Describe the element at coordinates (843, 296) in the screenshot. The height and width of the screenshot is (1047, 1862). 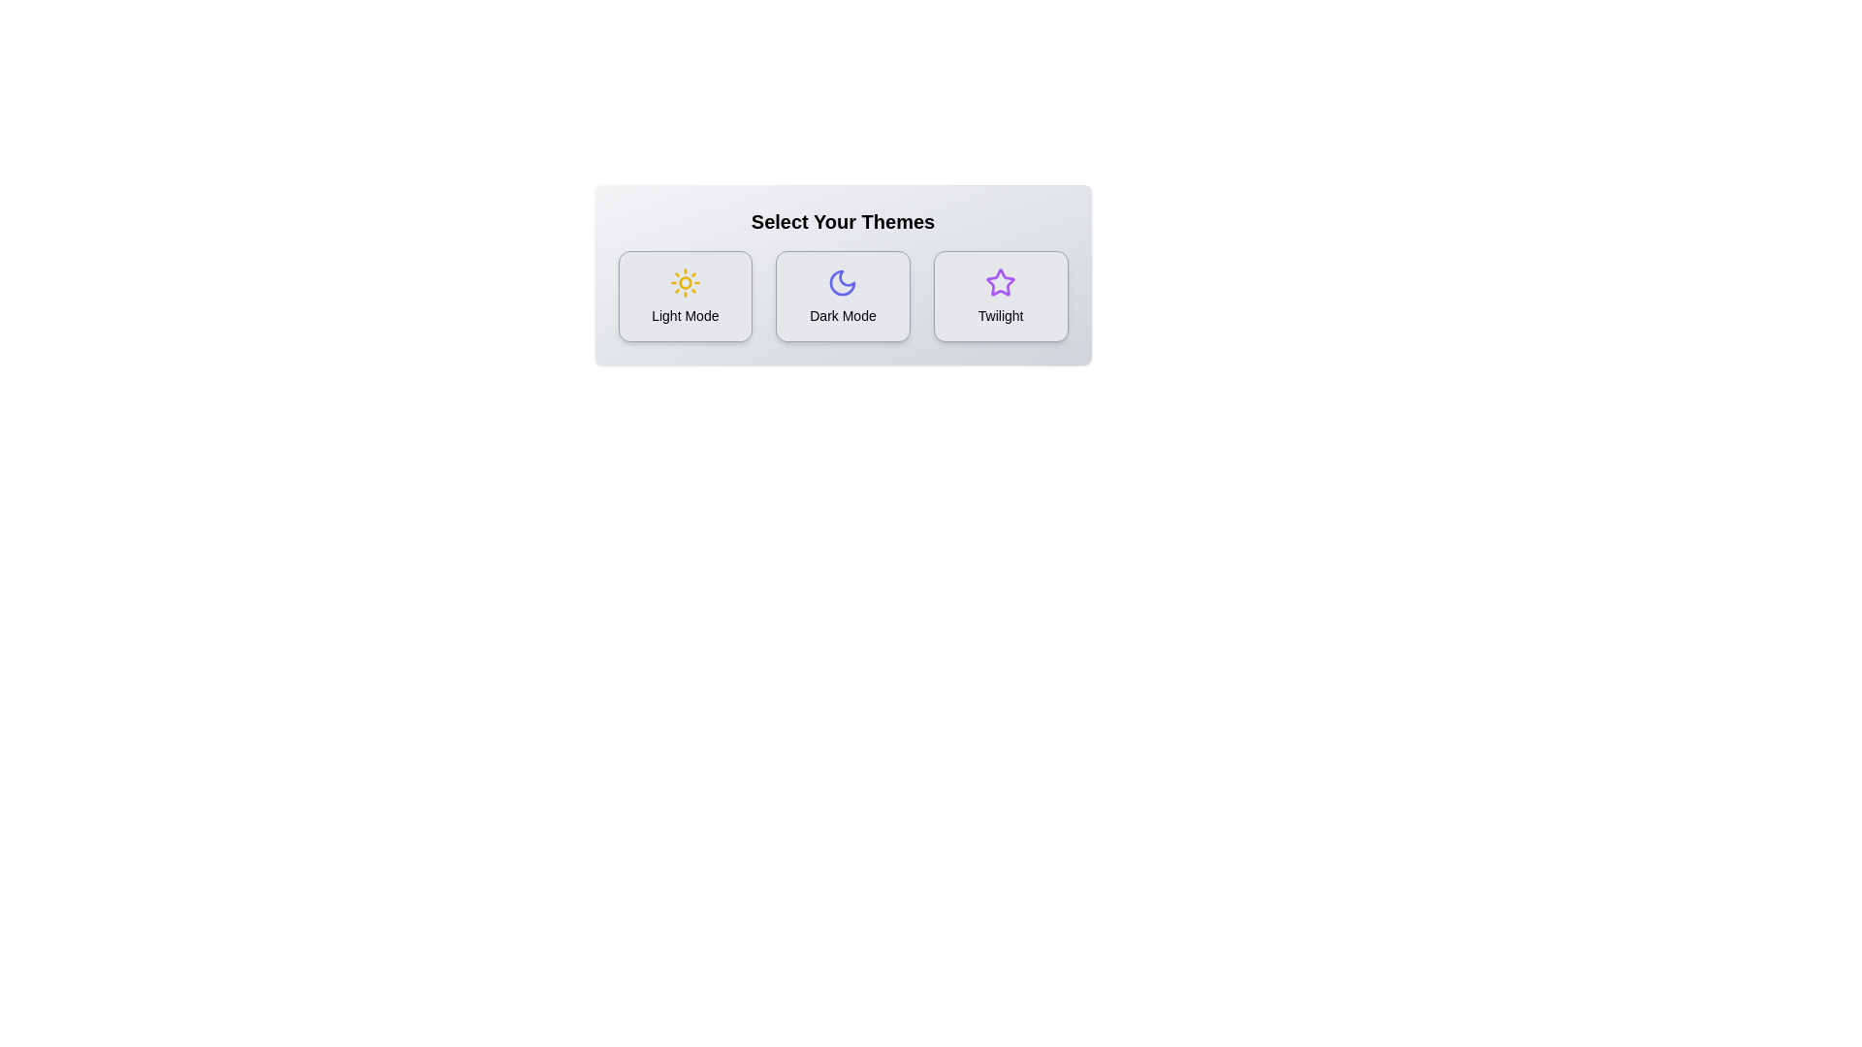
I see `the 'Dark Mode' button to toggle its selection` at that location.